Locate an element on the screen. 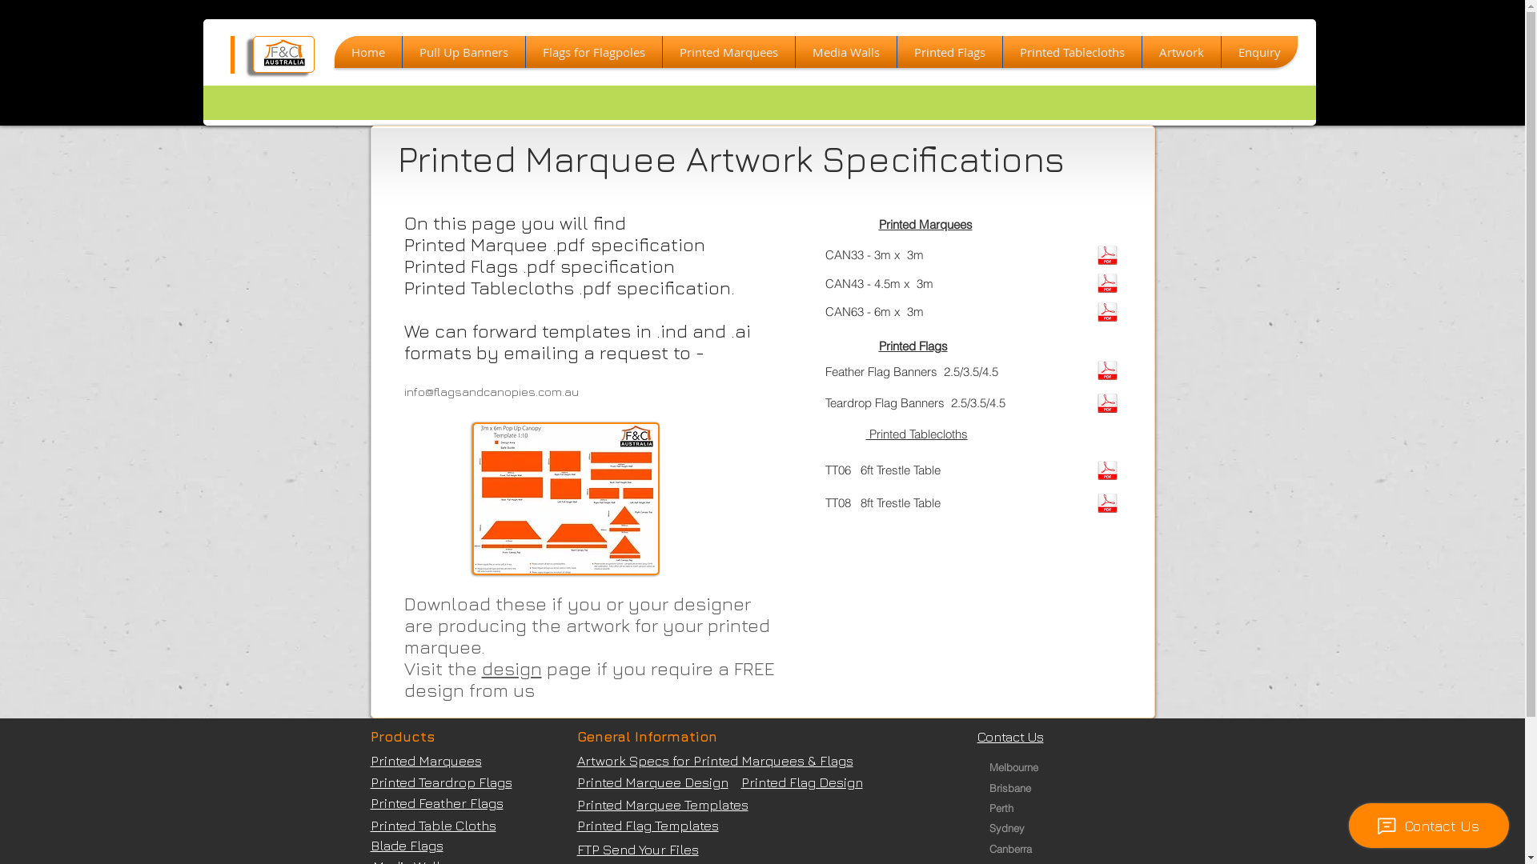 The width and height of the screenshot is (1537, 864). 'FTP Send Your Files' is located at coordinates (576, 848).